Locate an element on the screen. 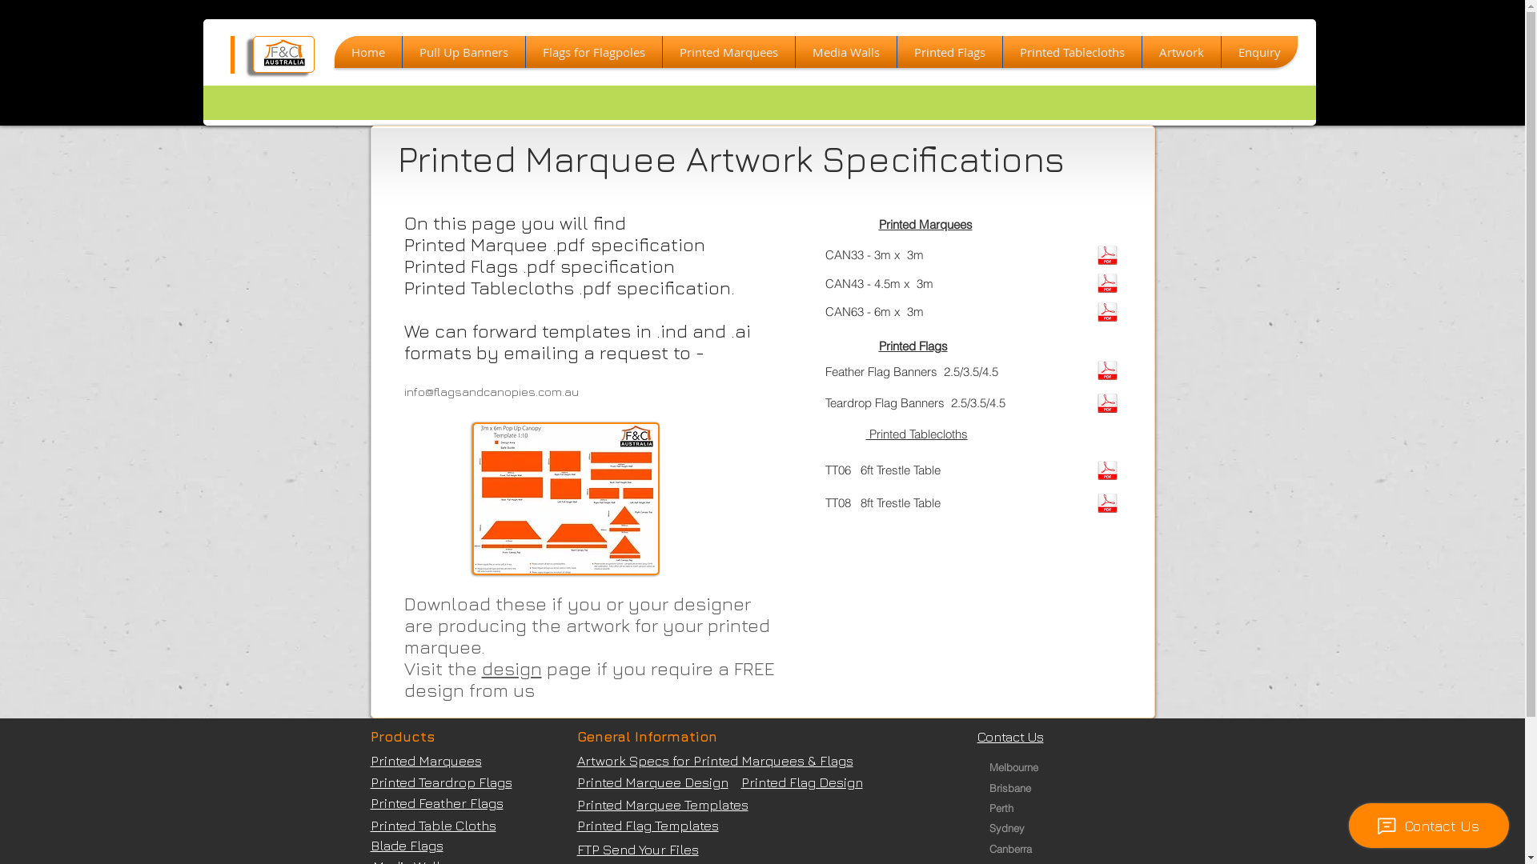 The width and height of the screenshot is (1537, 864). 'FTP Send Your Files' is located at coordinates (576, 848).